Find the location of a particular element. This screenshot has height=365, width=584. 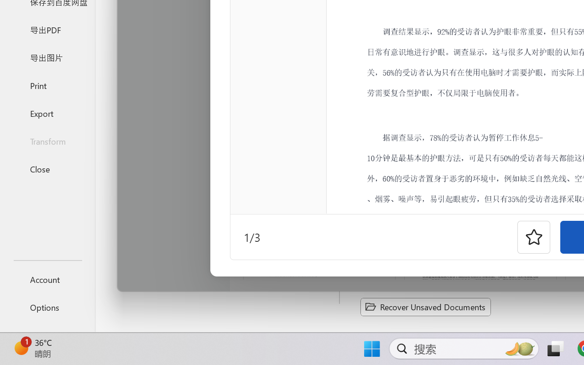

'Recover Unsaved Documents' is located at coordinates (425, 307).